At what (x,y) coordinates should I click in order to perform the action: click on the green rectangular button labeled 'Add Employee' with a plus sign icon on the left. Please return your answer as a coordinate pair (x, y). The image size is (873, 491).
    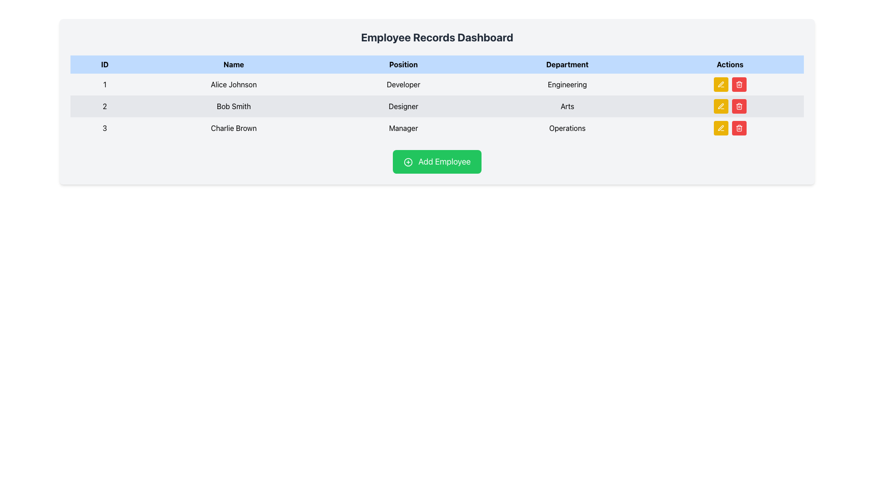
    Looking at the image, I should click on (437, 161).